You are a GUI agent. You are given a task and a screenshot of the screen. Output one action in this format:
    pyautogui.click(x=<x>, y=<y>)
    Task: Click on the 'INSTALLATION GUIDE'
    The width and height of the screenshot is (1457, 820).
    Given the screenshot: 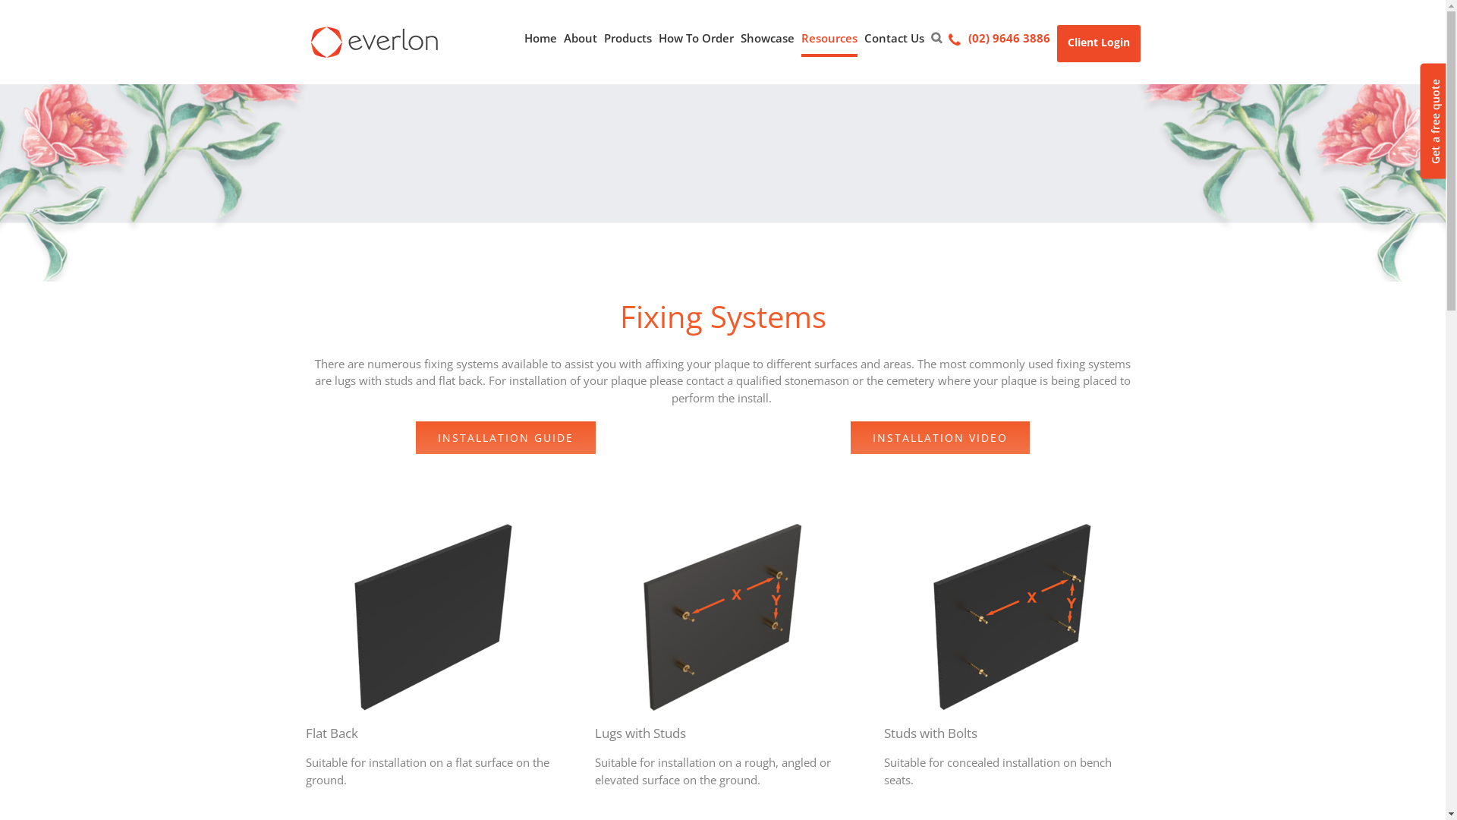 What is the action you would take?
    pyautogui.click(x=505, y=437)
    